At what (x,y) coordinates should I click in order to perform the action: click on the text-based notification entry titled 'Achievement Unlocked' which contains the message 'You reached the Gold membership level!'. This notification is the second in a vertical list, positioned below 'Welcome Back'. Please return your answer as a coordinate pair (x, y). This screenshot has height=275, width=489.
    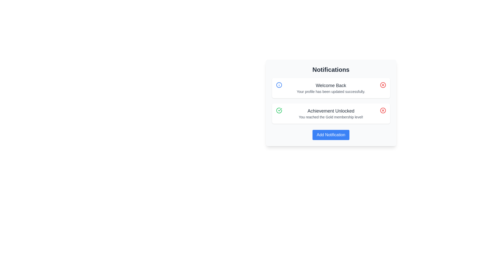
    Looking at the image, I should click on (331, 113).